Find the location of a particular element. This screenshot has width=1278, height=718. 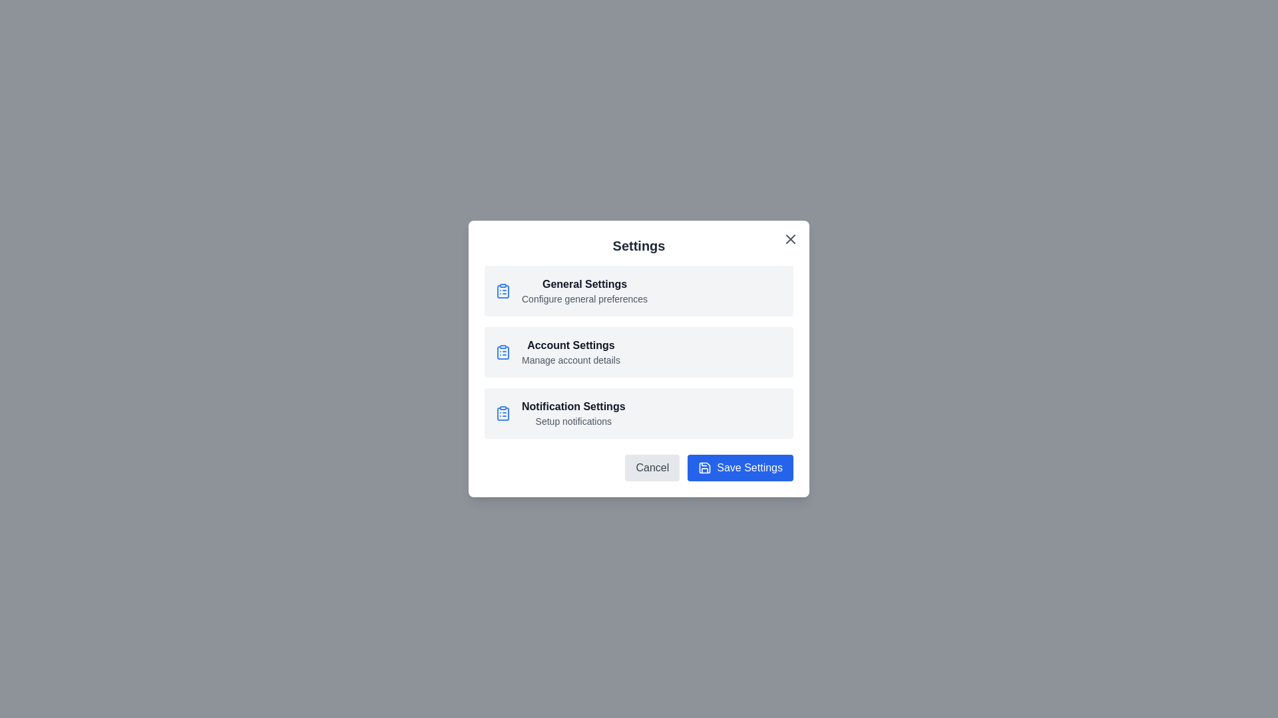

the 'Save Settings' button which includes the save action icon positioned towards the bottom-right corner of the modal dialog box is located at coordinates (704, 467).